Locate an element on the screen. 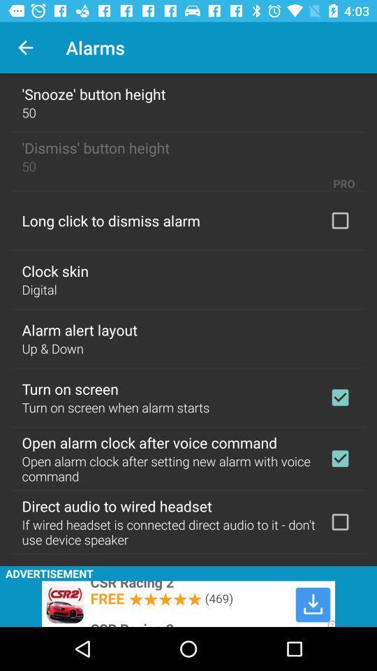 The height and width of the screenshot is (671, 377). tick option is located at coordinates (339, 458).